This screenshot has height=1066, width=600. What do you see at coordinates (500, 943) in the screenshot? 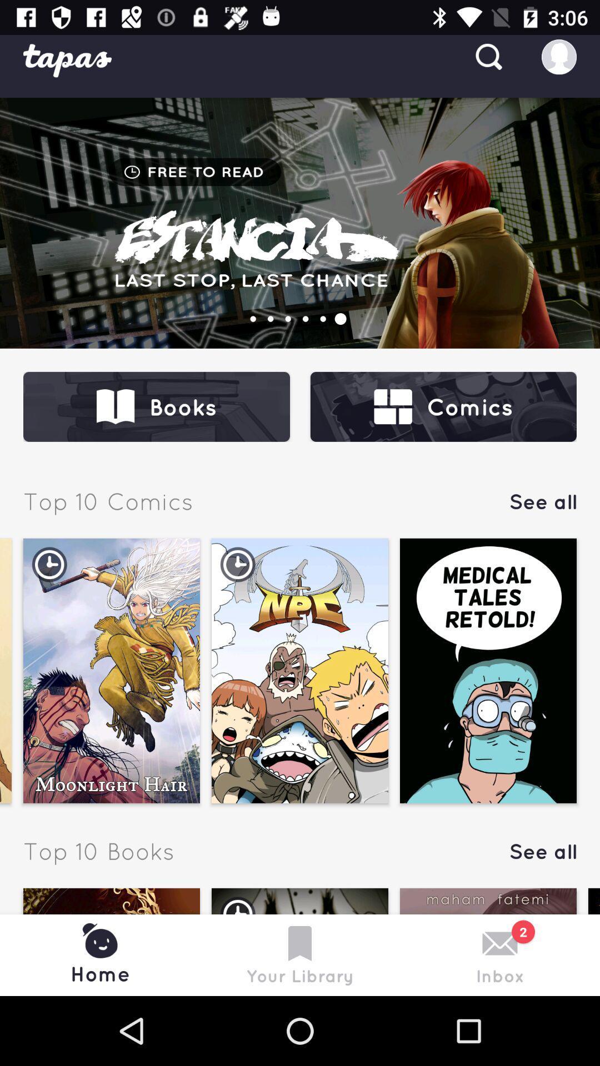
I see `symbol above inbox` at bounding box center [500, 943].